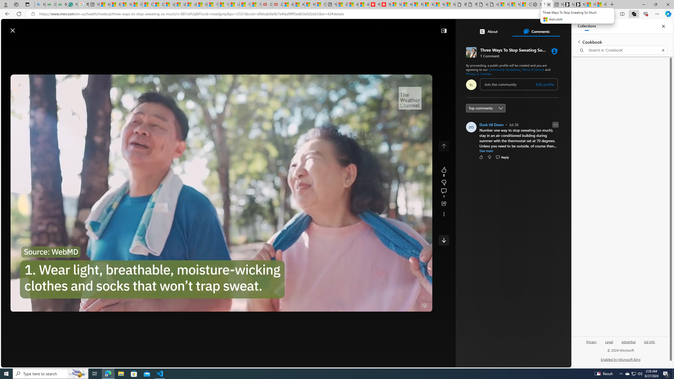 The height and width of the screenshot is (379, 674). Describe the element at coordinates (39, 306) in the screenshot. I see `'Seek Forward'` at that location.